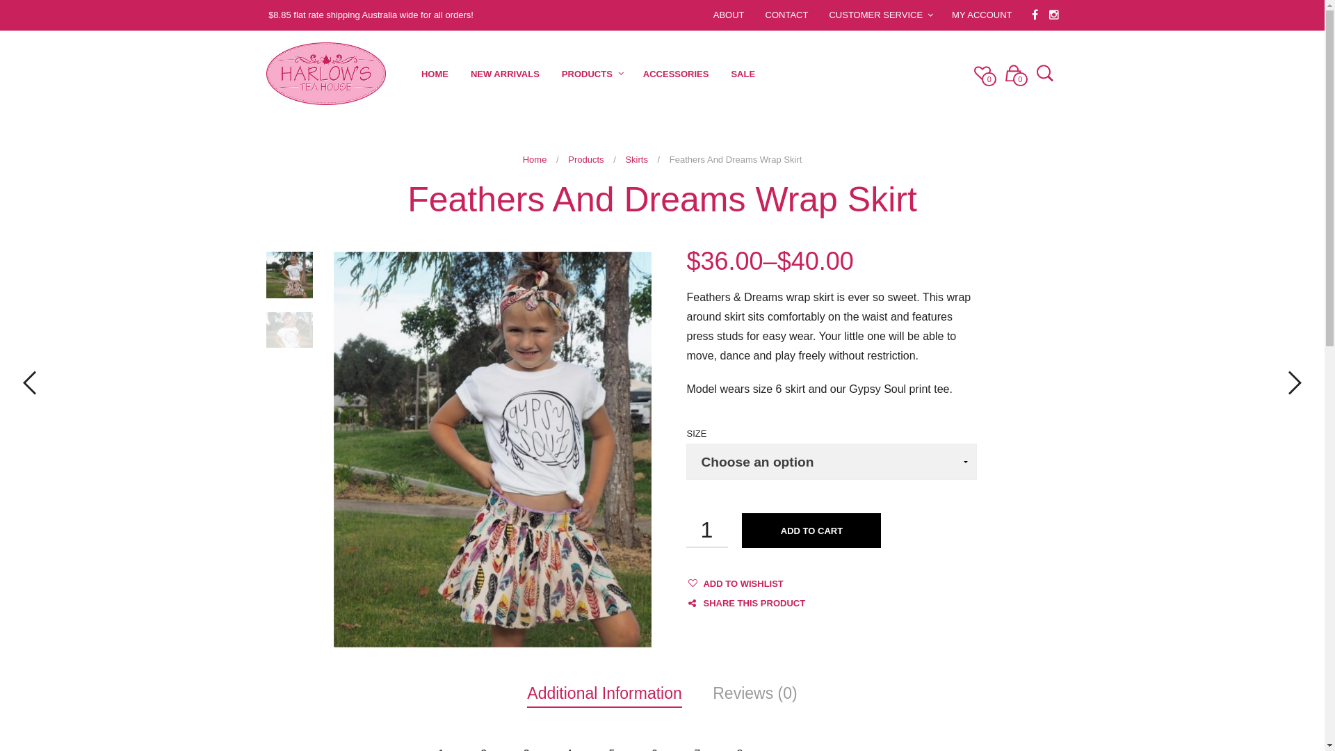 The height and width of the screenshot is (751, 1335). I want to click on 'Search', so click(1041, 74).